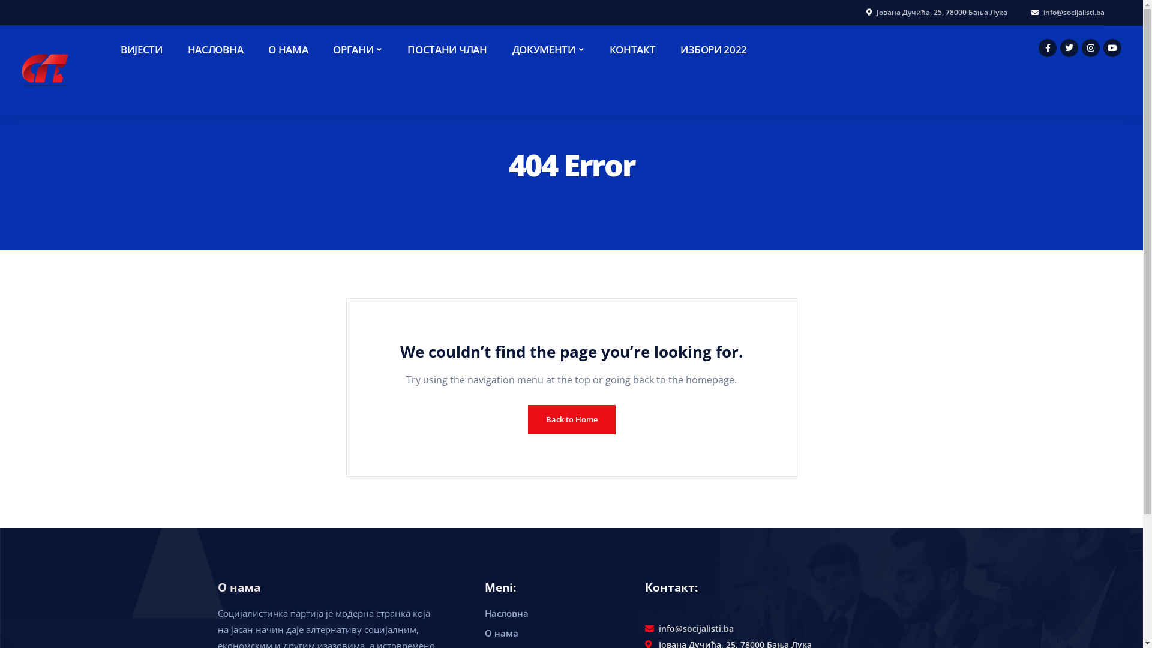  I want to click on 'Back to Home', so click(571, 419).